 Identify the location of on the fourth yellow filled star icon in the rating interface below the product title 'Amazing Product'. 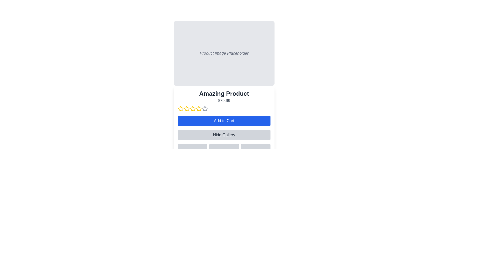
(198, 108).